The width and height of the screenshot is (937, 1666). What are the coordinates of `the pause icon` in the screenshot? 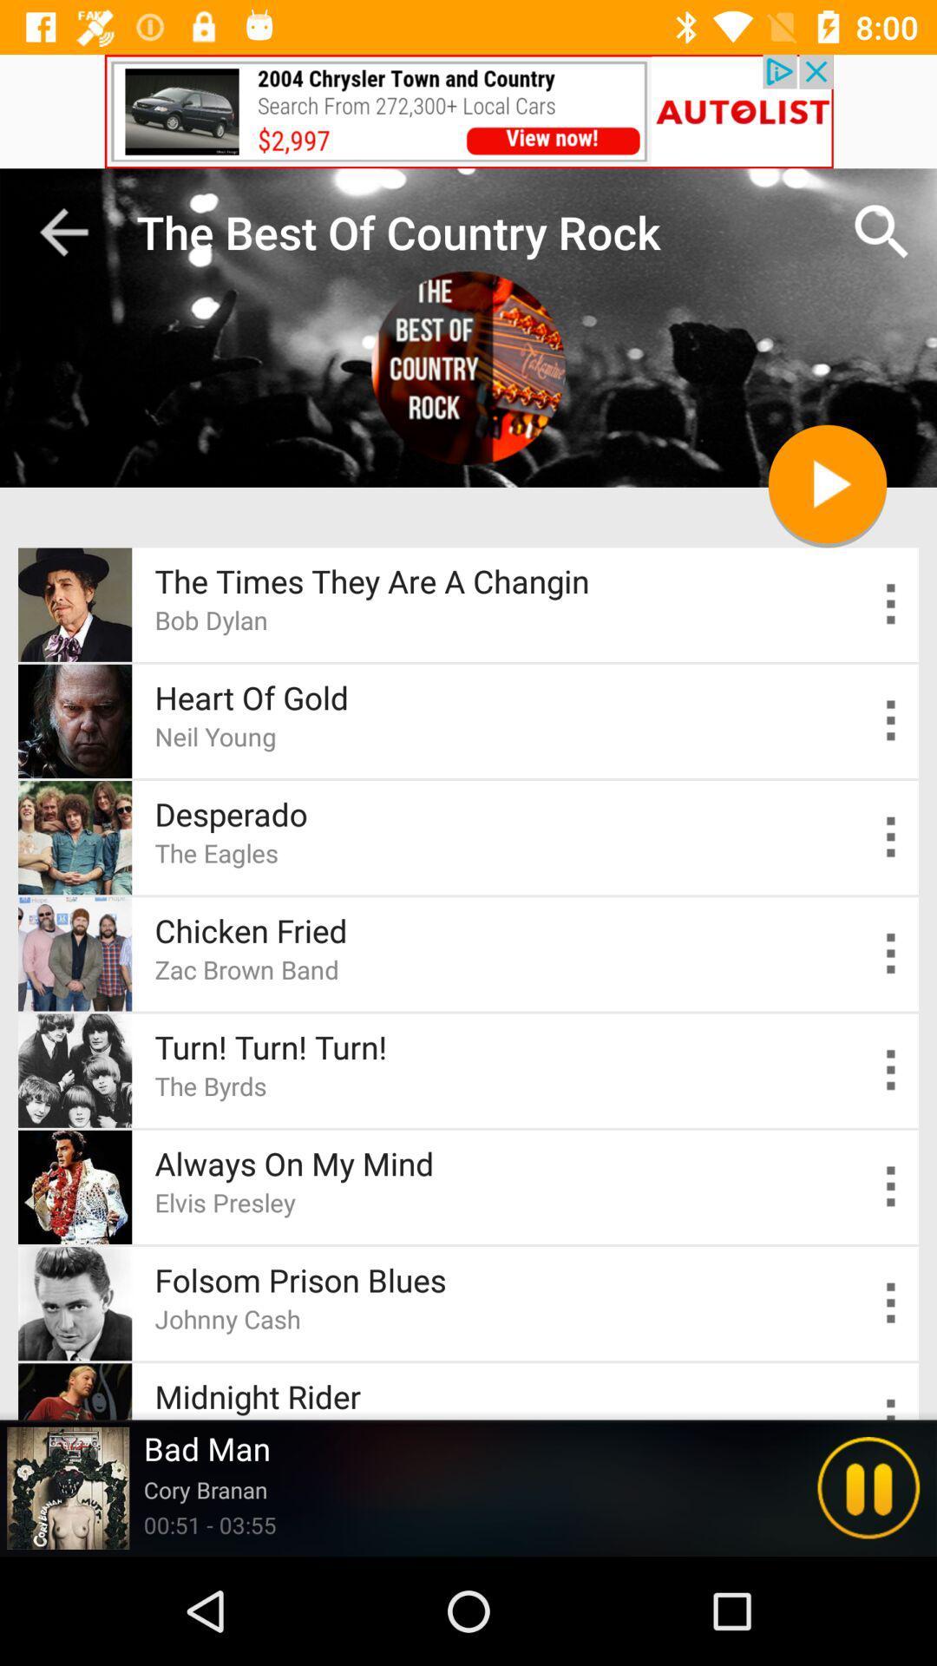 It's located at (868, 1487).